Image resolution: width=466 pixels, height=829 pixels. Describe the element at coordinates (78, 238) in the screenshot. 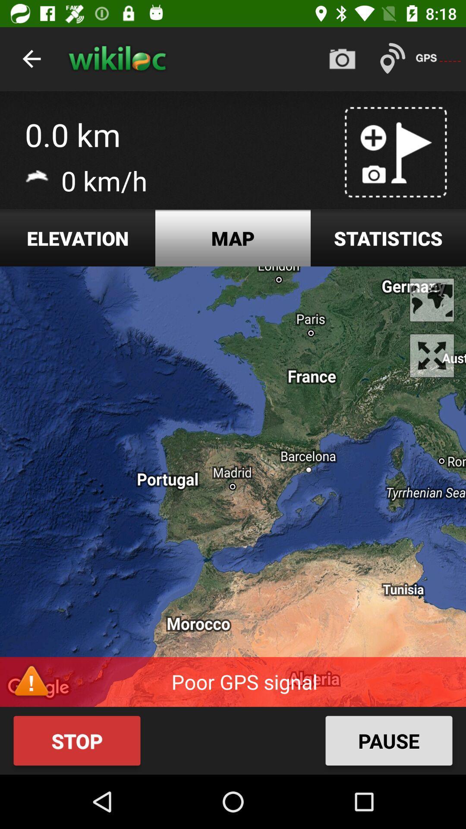

I see `the button to the left of map button` at that location.